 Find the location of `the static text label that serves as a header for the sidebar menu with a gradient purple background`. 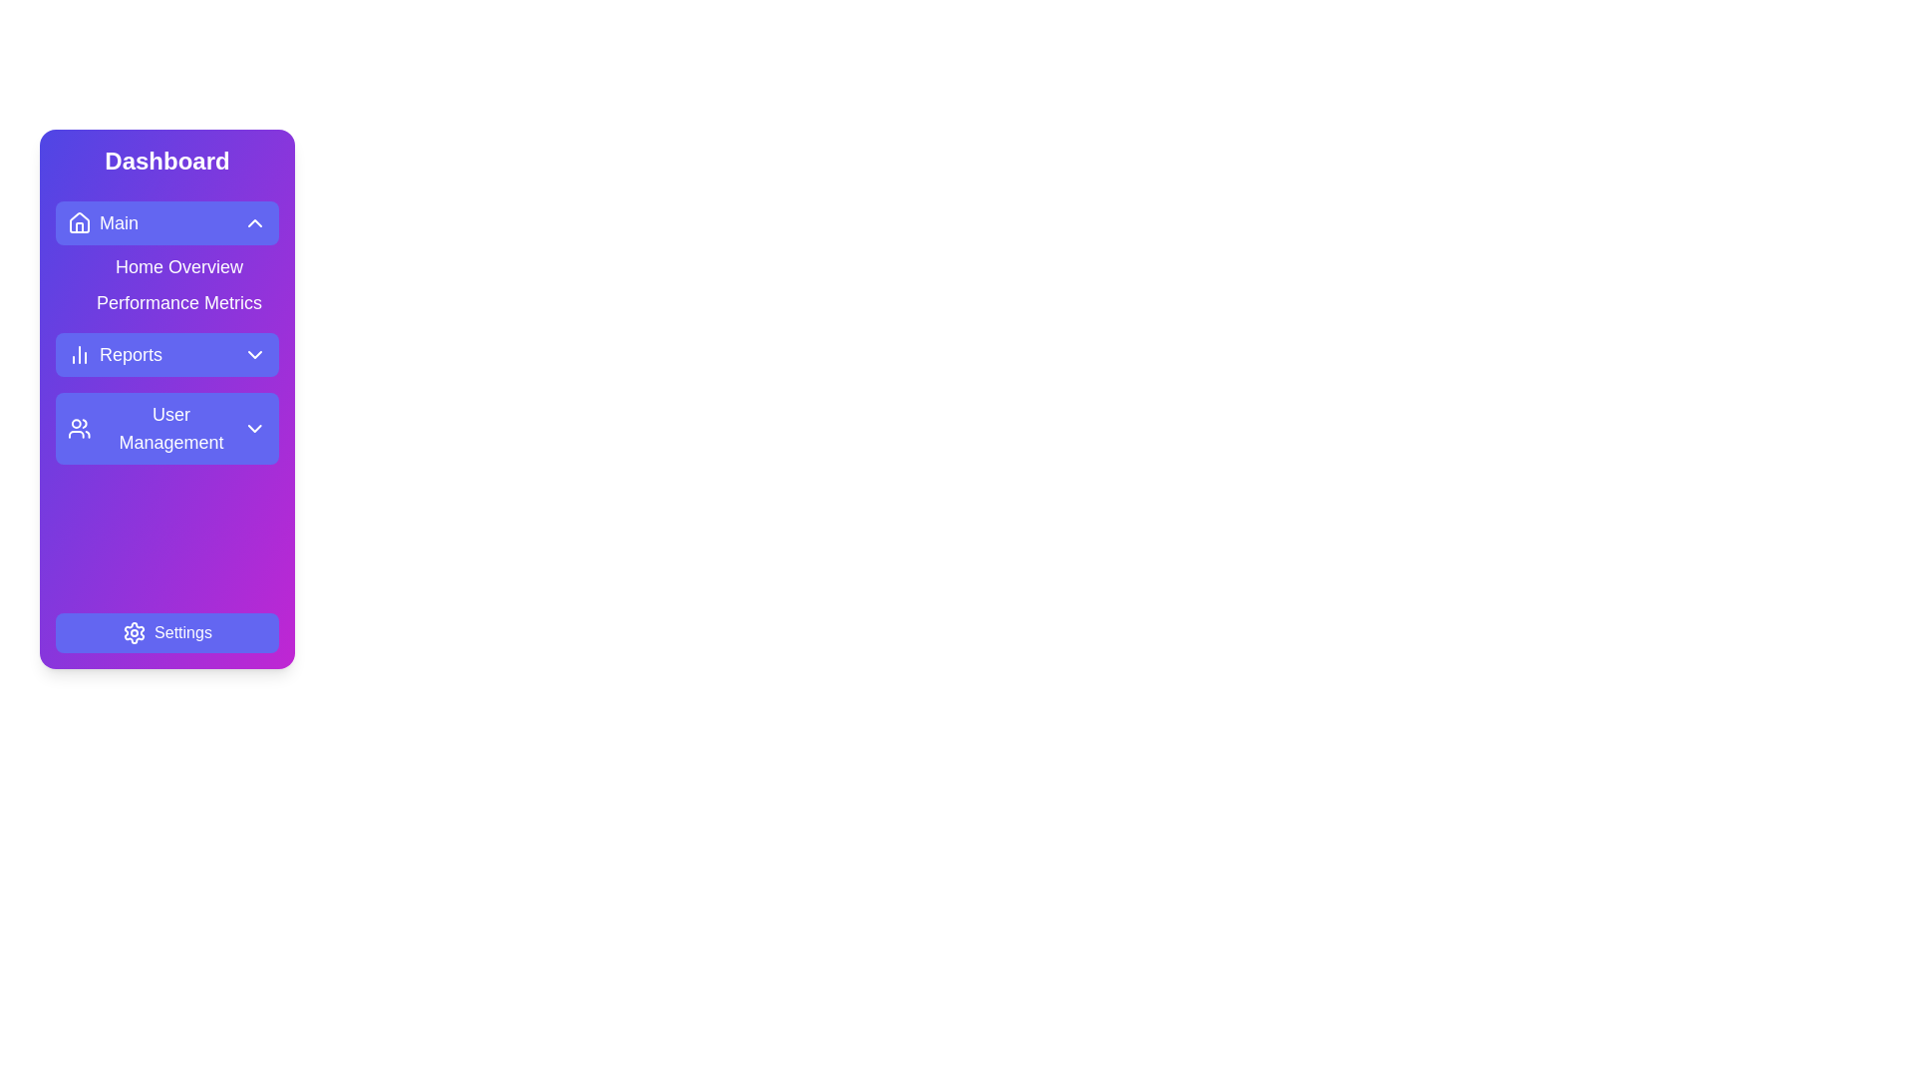

the static text label that serves as a header for the sidebar menu with a gradient purple background is located at coordinates (167, 161).